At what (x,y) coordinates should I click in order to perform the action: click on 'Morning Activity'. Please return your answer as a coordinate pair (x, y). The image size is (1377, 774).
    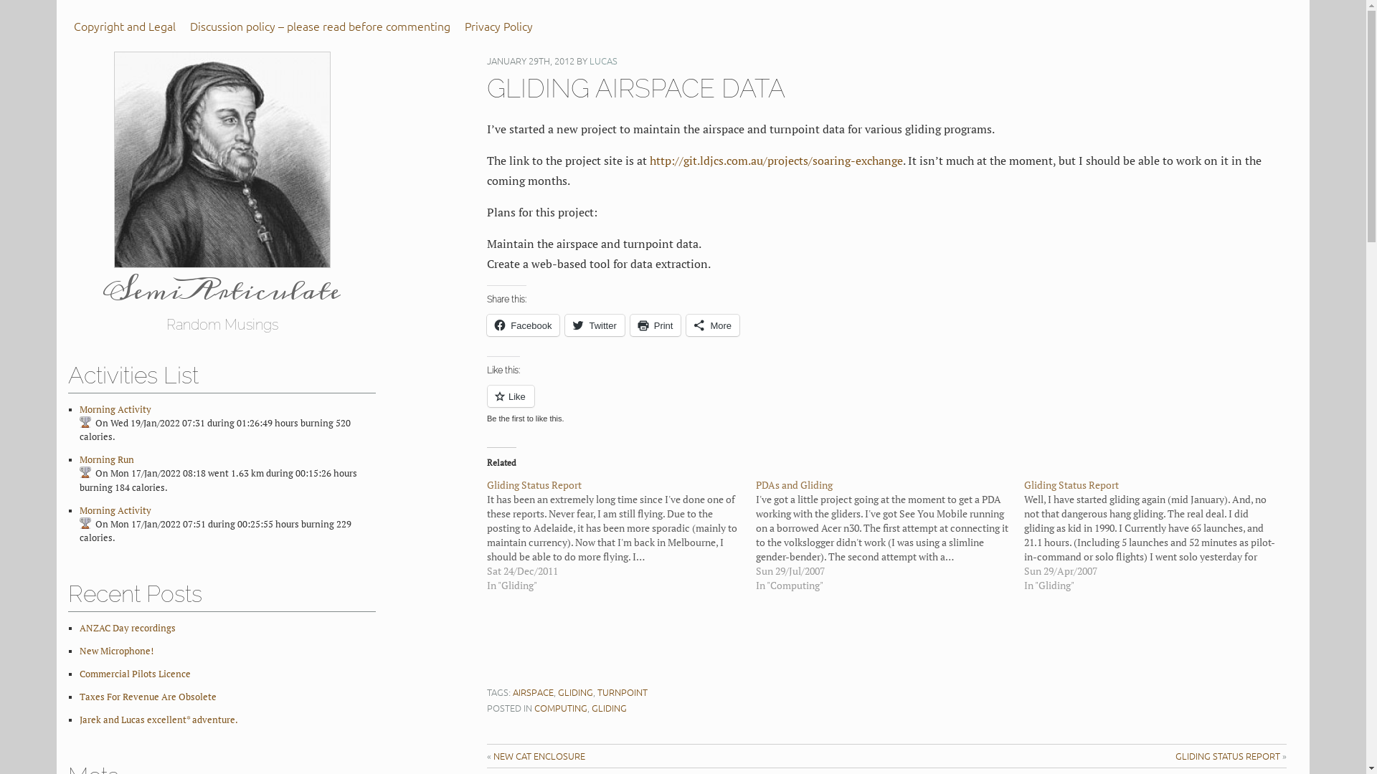
    Looking at the image, I should click on (115, 409).